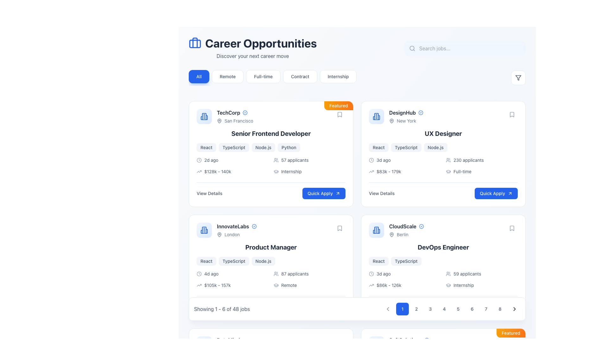  I want to click on the 'TechCorp' label with a blue badge icon indicating verification for more information about the company, so click(235, 112).